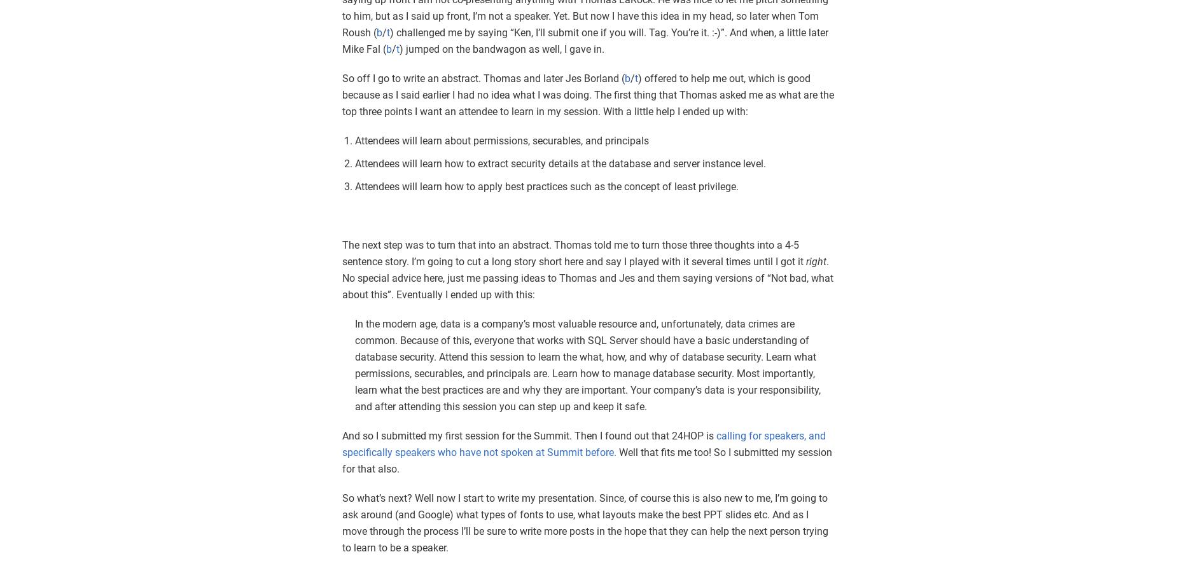 The width and height of the screenshot is (1177, 566). Describe the element at coordinates (506, 442) in the screenshot. I see `'Speaking at Community Events - More Thoughts'` at that location.